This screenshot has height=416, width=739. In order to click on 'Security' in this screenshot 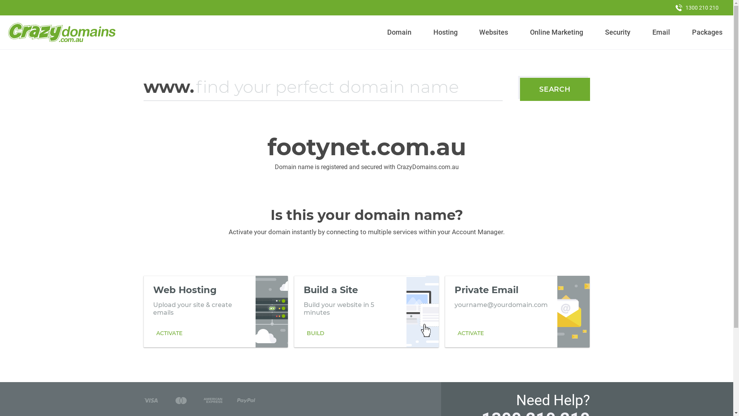, I will do `click(618, 32)`.